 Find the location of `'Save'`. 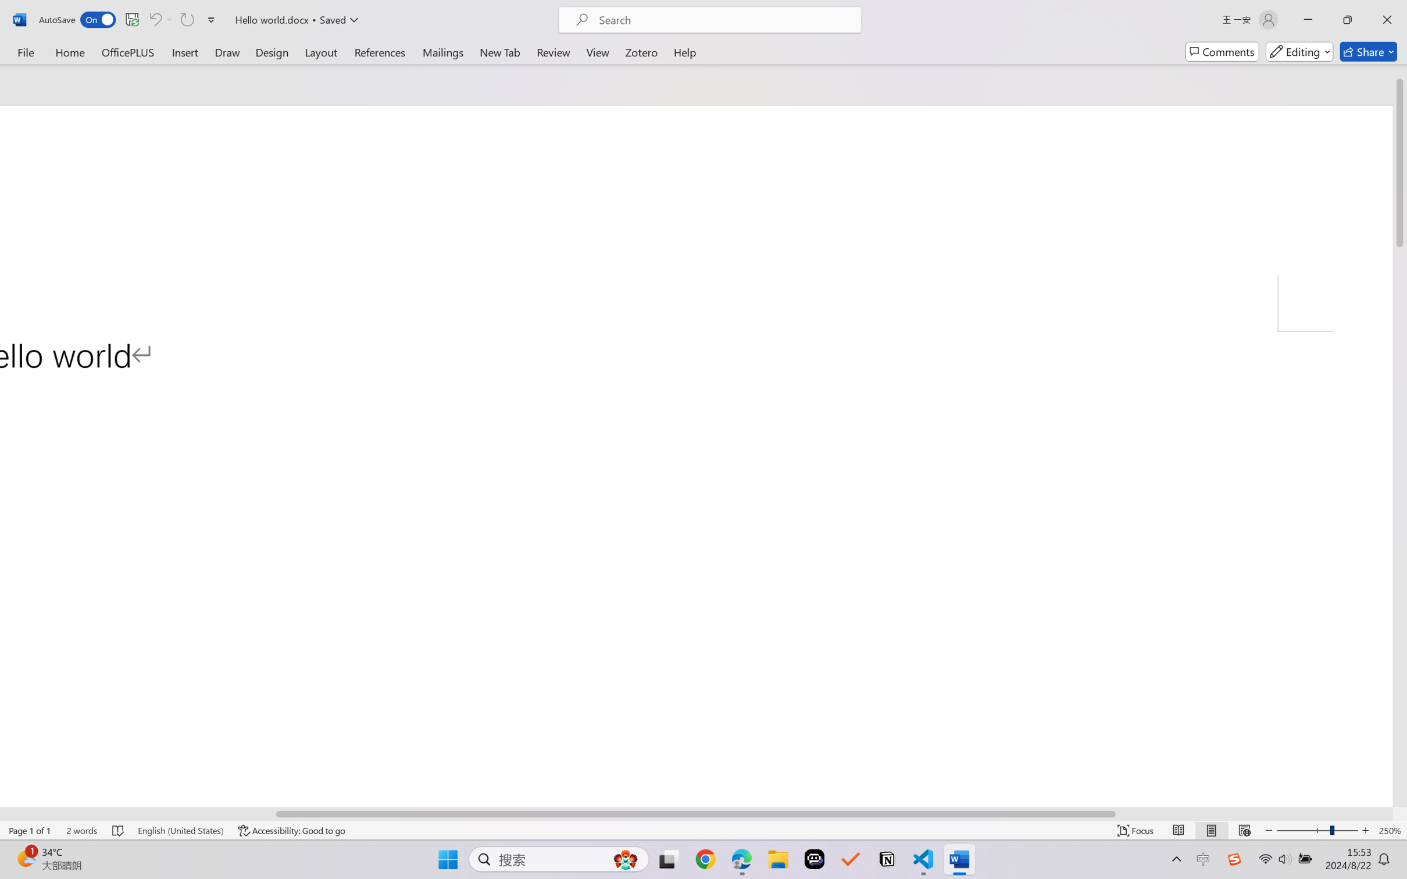

'Save' is located at coordinates (131, 19).